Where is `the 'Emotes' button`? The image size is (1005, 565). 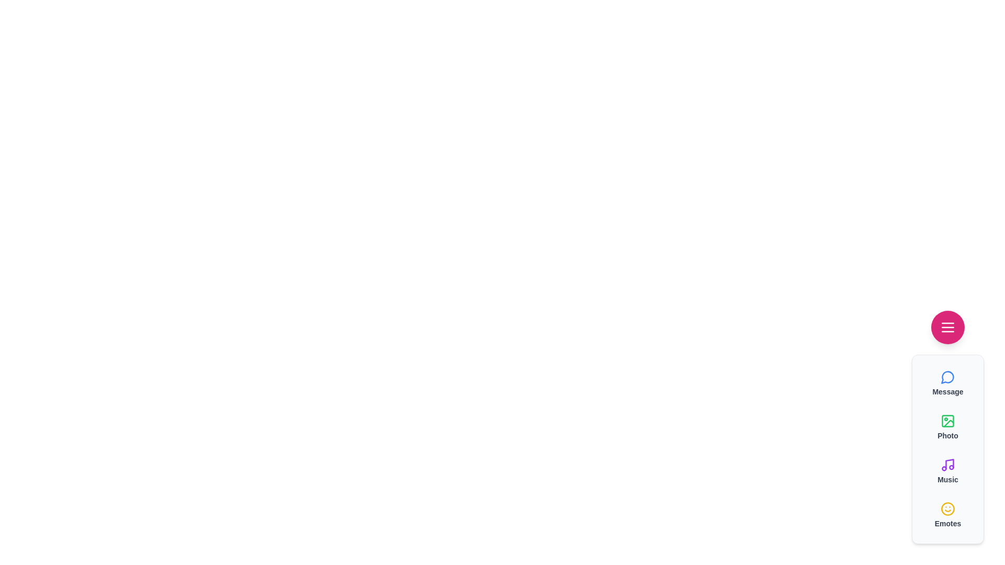
the 'Emotes' button is located at coordinates (947, 514).